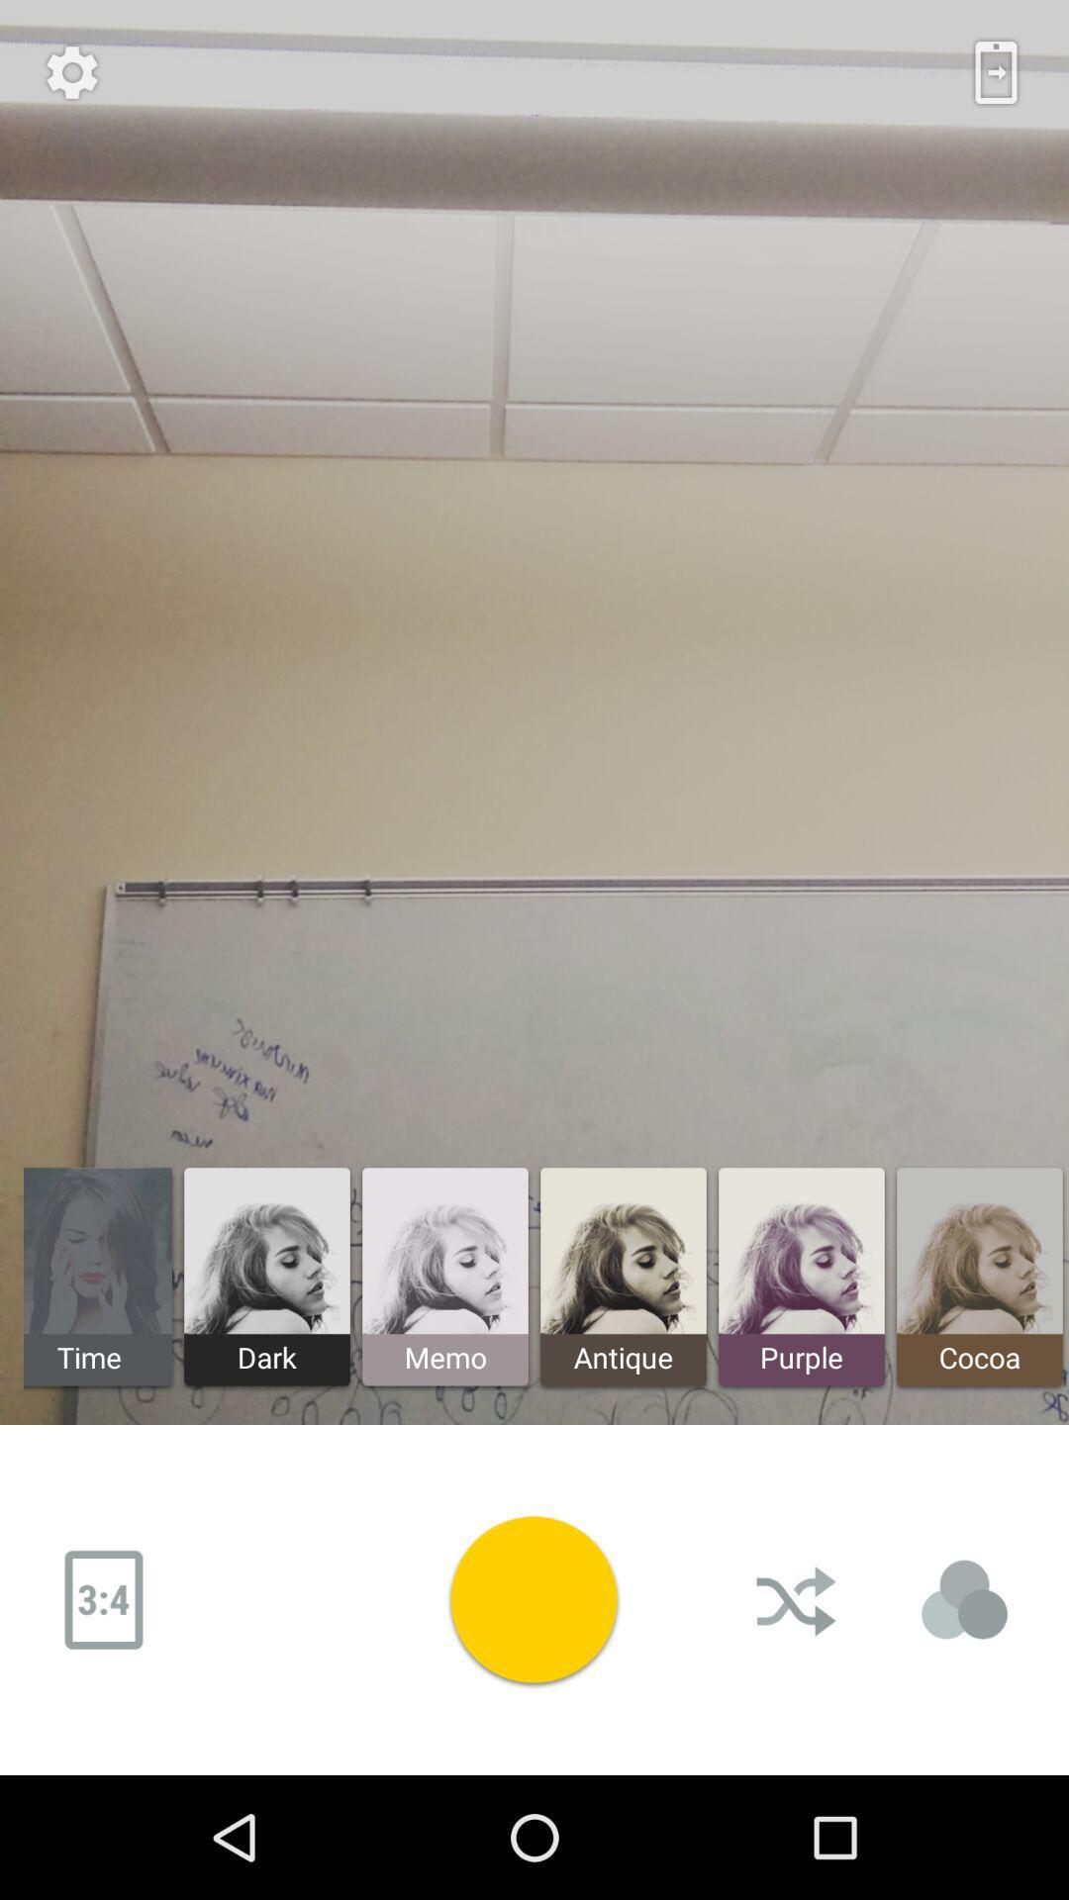 This screenshot has width=1069, height=1900. What do you see at coordinates (98, 1251) in the screenshot?
I see `the image above time` at bounding box center [98, 1251].